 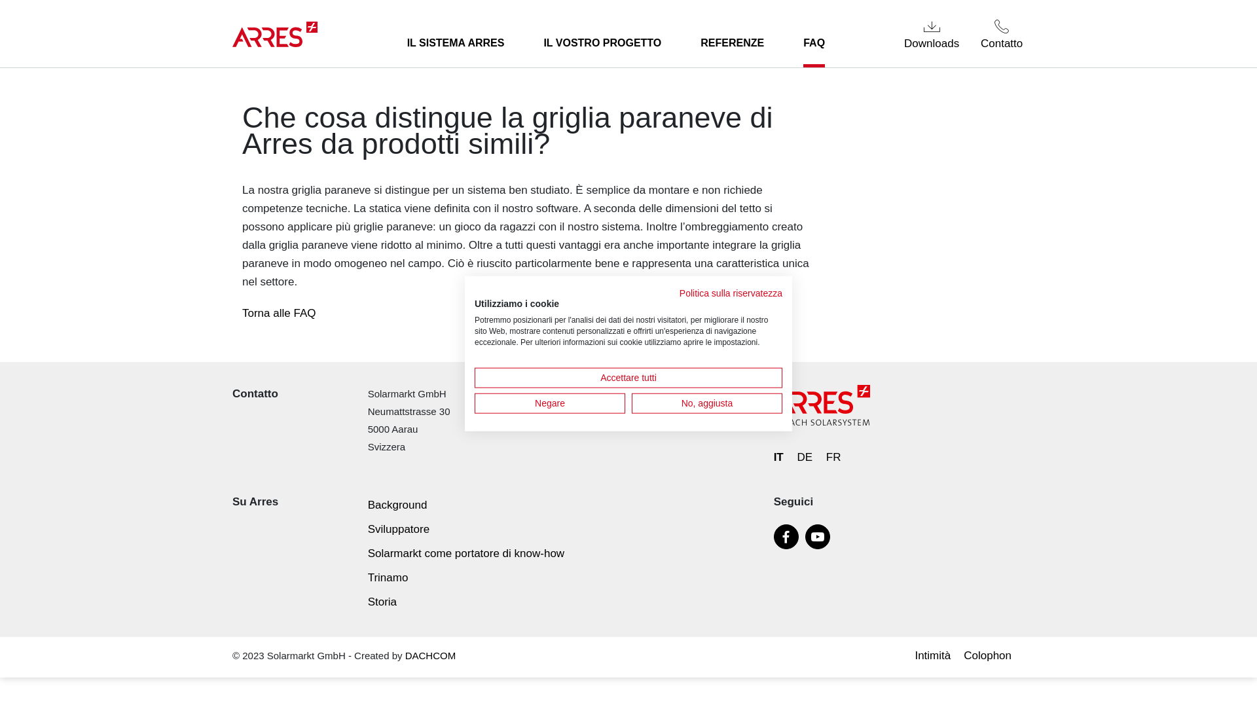 I want to click on 'DACHCOM', so click(x=430, y=655).